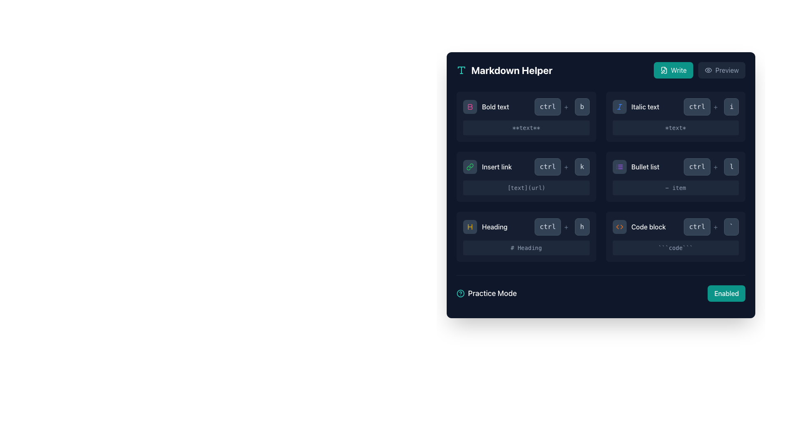 This screenshot has height=444, width=789. I want to click on the preview button located at the top-right corner of the interface, so click(721, 69).